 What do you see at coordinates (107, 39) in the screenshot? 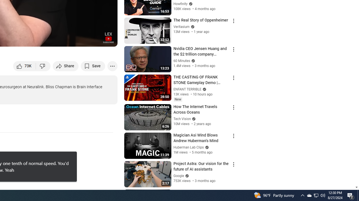
I see `'Full screen (f)'` at bounding box center [107, 39].